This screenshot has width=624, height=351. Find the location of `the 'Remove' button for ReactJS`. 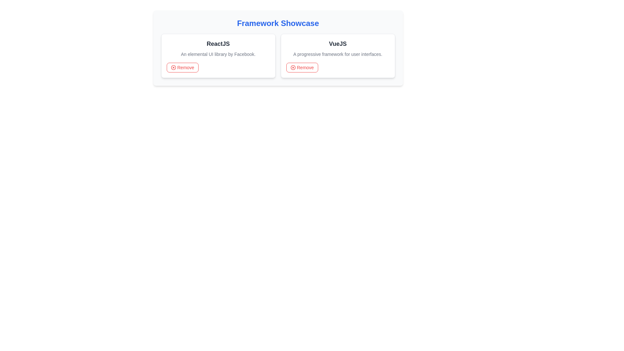

the 'Remove' button for ReactJS is located at coordinates (182, 68).